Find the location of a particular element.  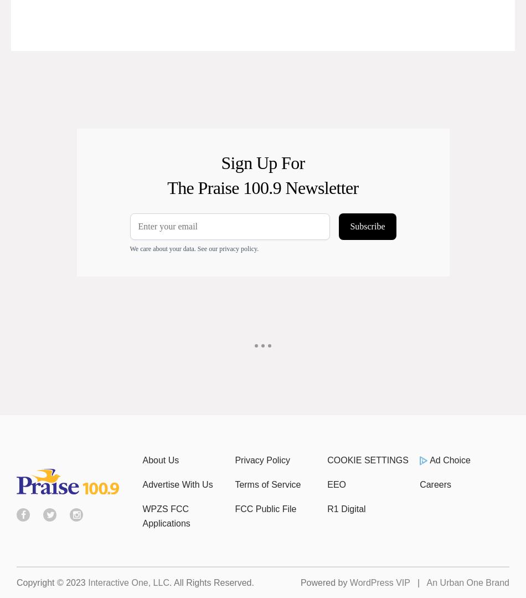

'EEO' is located at coordinates (337, 484).